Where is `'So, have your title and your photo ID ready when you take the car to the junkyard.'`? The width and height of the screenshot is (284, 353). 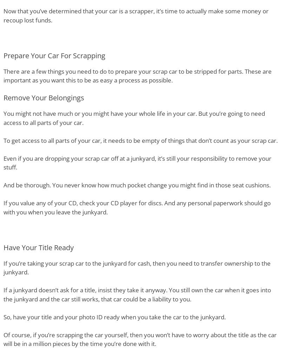 'So, have your title and your photo ID ready when you take the car to the junkyard.' is located at coordinates (114, 316).